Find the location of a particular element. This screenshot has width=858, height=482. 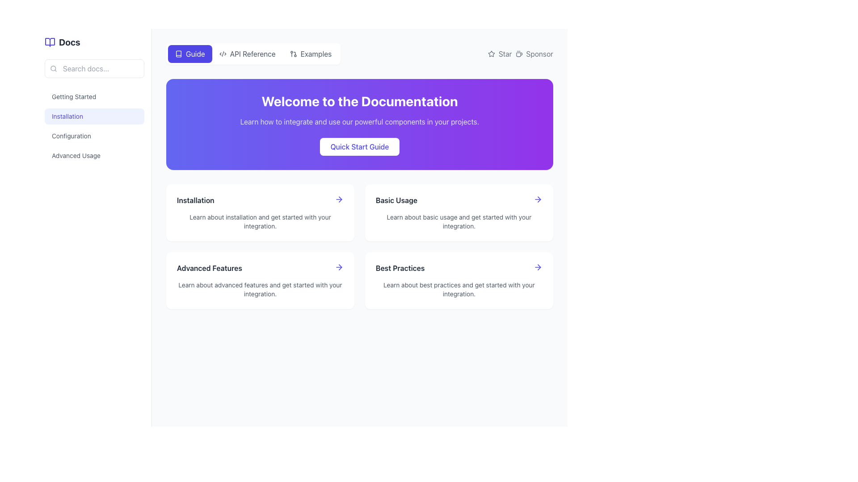

text label 'Advanced Features' which is displayed in bold dark grey font, located in the second column of the lower row in a four-tile grid layout is located at coordinates (209, 268).